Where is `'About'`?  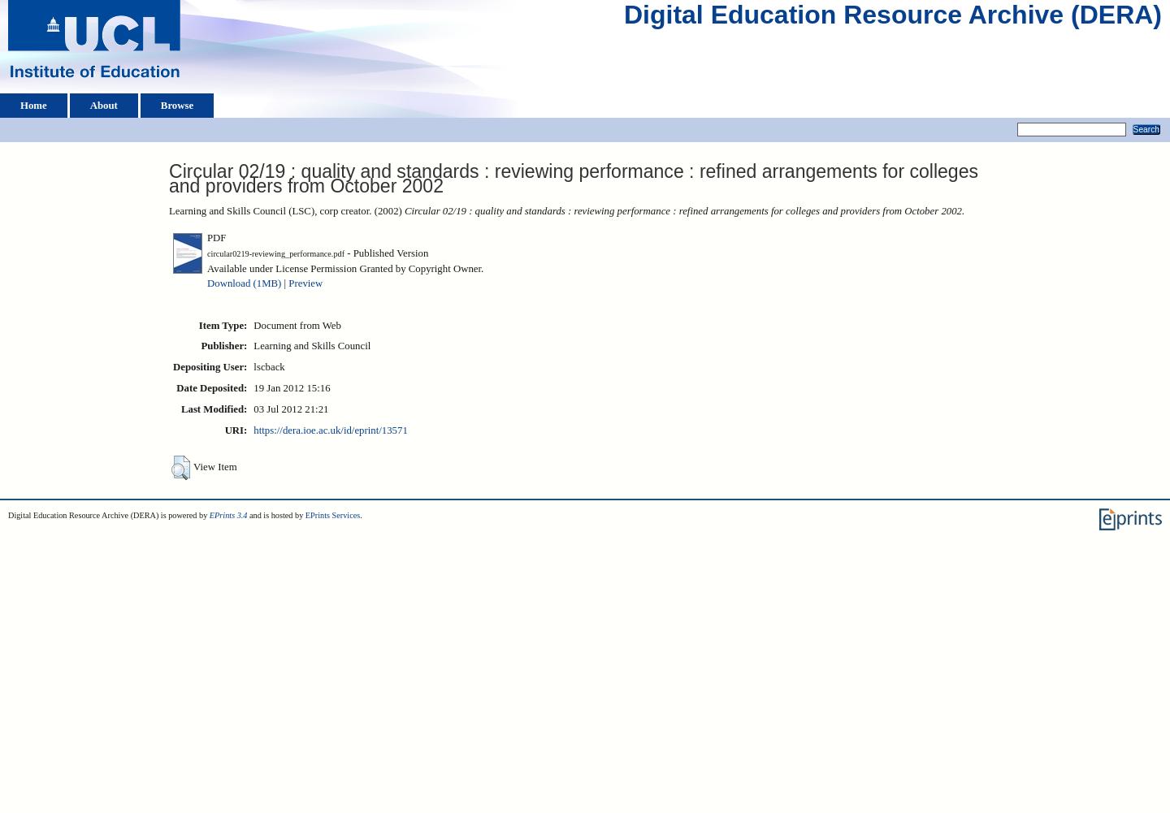 'About' is located at coordinates (102, 105).